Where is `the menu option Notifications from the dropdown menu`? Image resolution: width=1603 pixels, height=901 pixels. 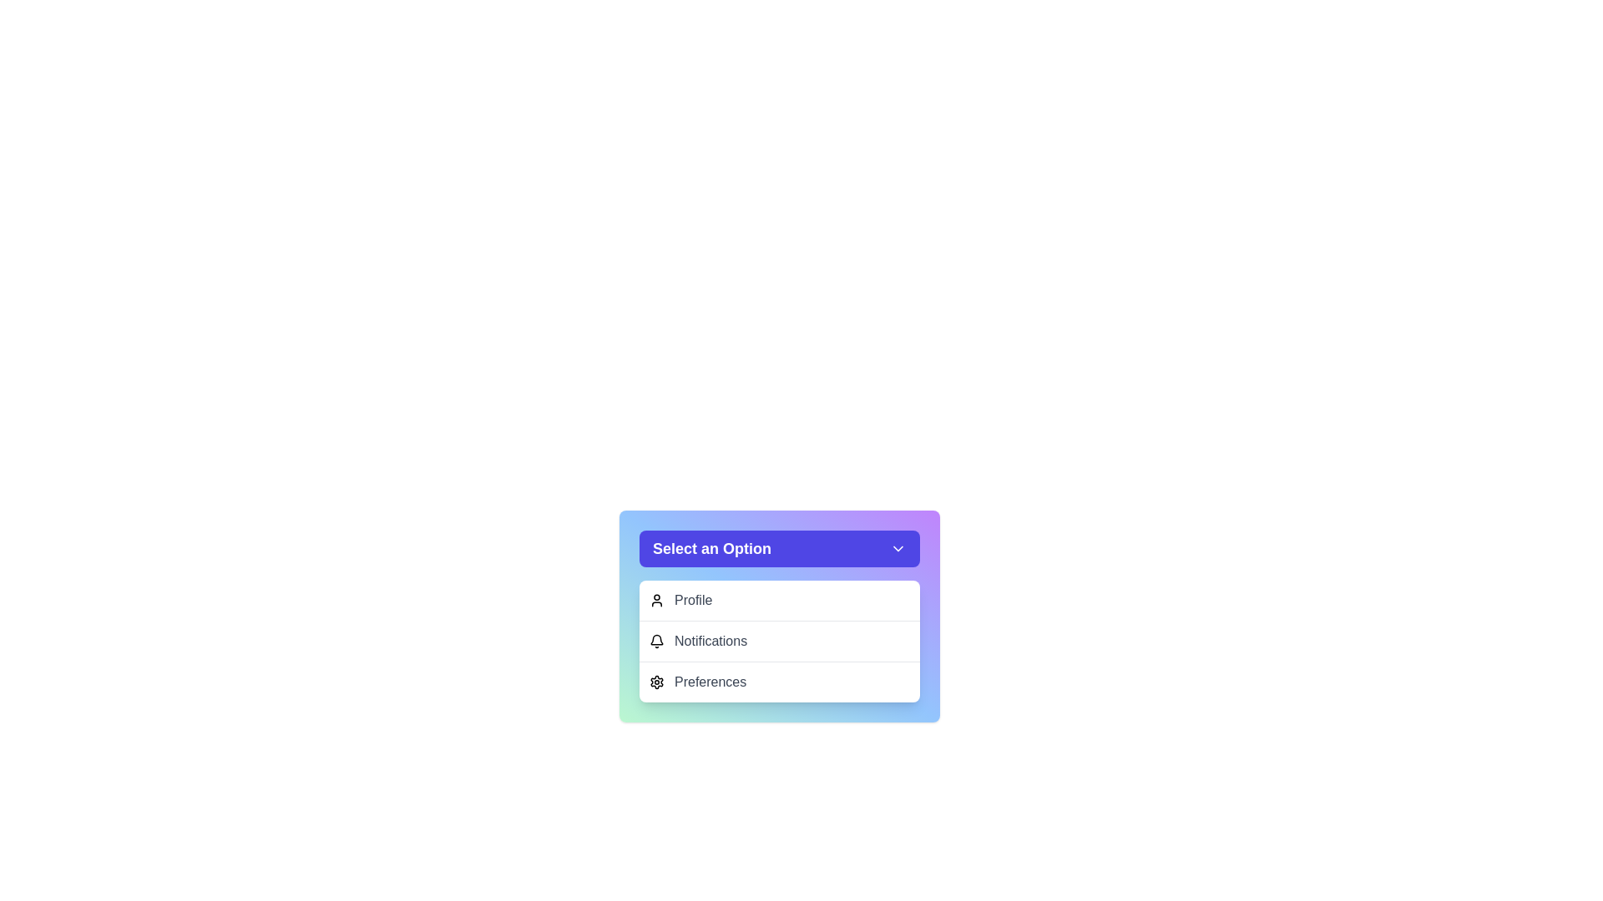
the menu option Notifications from the dropdown menu is located at coordinates (779, 640).